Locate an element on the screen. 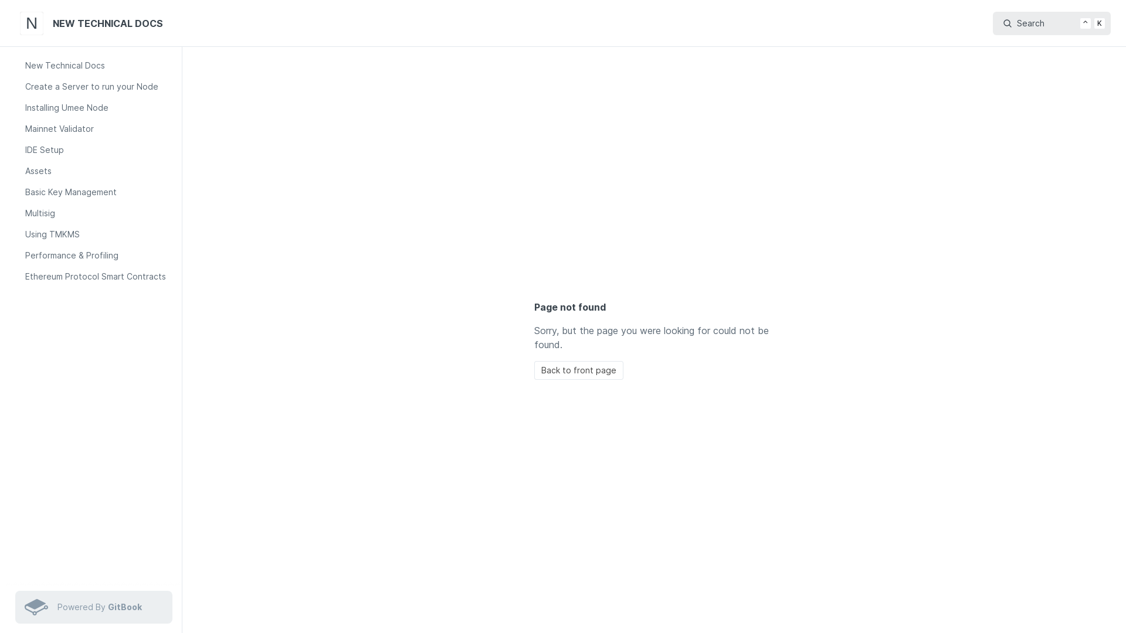  'Installing Umee Node' is located at coordinates (99, 108).